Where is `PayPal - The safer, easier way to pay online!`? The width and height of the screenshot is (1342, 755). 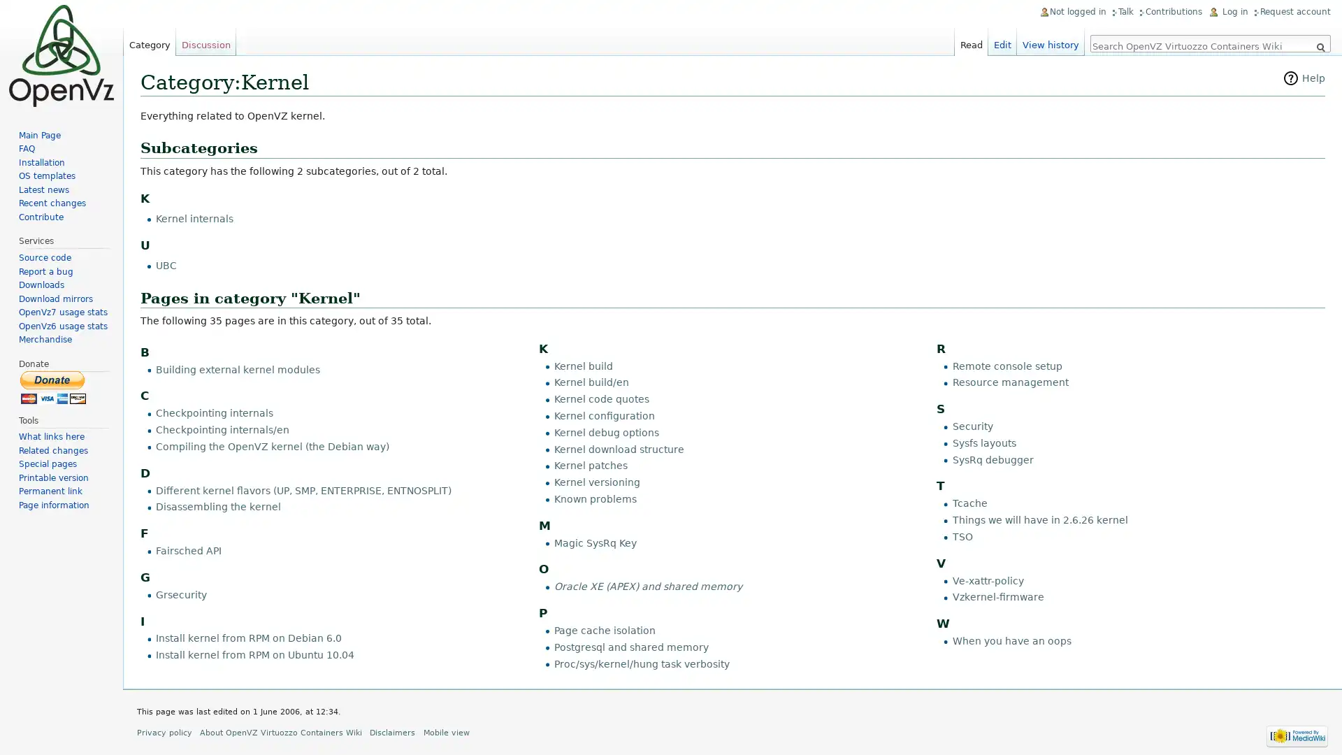 PayPal - The safer, easier way to pay online! is located at coordinates (53, 387).